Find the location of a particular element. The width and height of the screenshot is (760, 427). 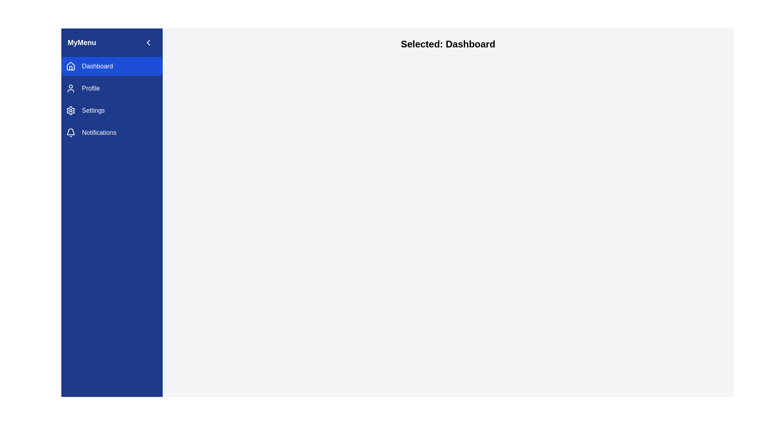

the navigation menu item located in the left sidebar, positioned second below 'Dashboard' and above 'Settings' is located at coordinates (112, 88).